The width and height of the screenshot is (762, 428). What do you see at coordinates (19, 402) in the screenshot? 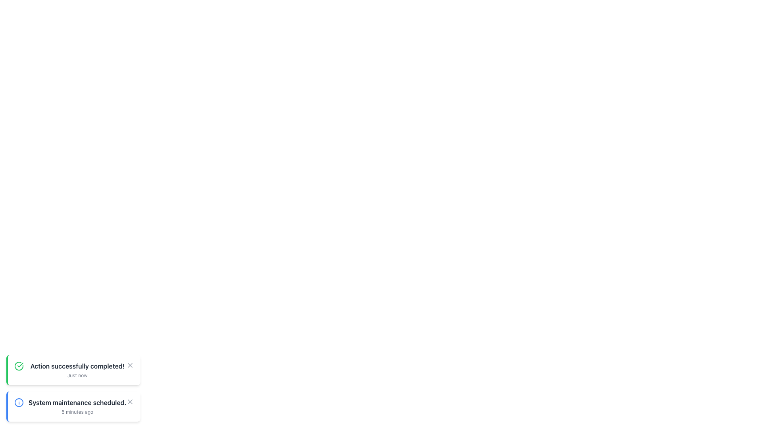
I see `the notification icon located at the top-left corner of the card containing the message 'System maintenance scheduled.'` at bounding box center [19, 402].